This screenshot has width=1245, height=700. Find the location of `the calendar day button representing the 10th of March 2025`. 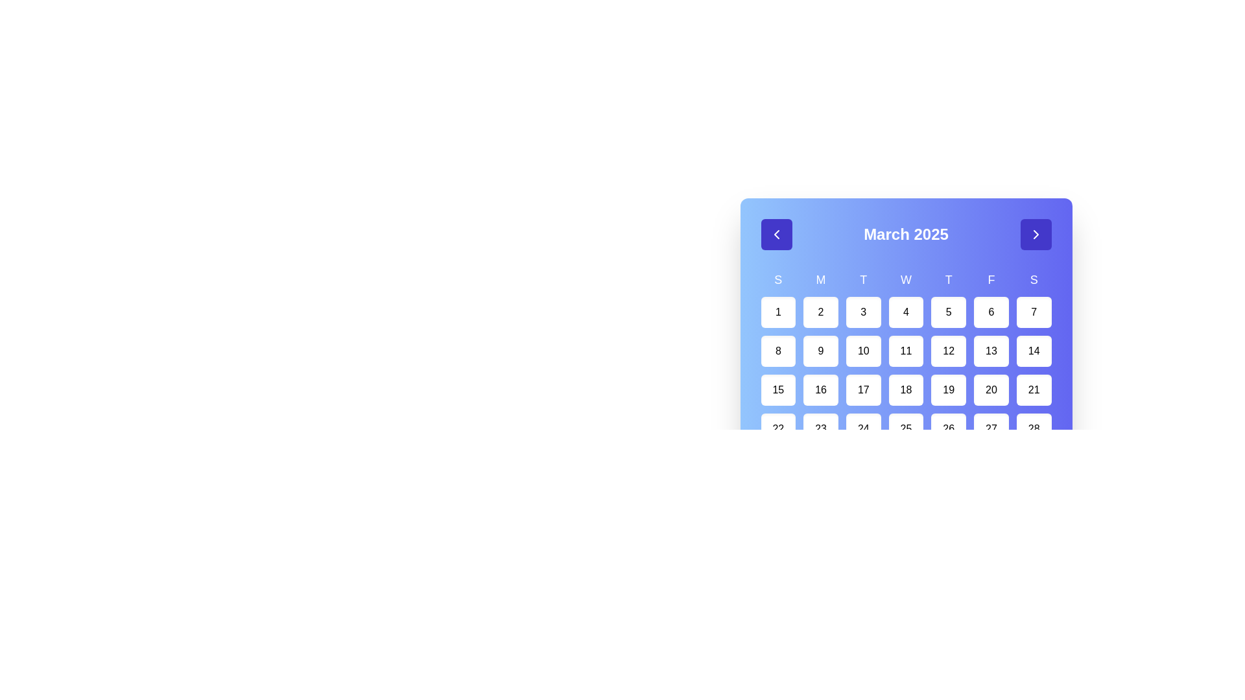

the calendar day button representing the 10th of March 2025 is located at coordinates (863, 351).